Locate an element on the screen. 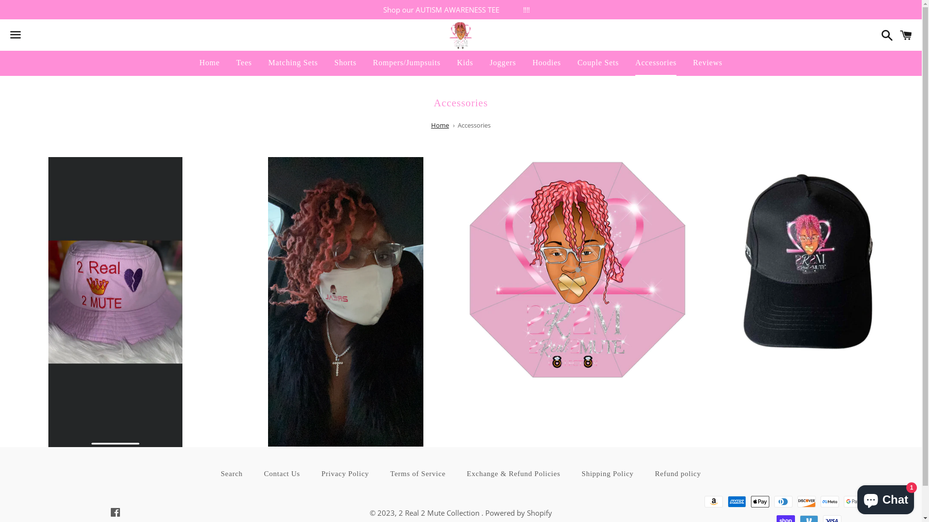 This screenshot has height=522, width=929. 'Shorts' is located at coordinates (327, 63).